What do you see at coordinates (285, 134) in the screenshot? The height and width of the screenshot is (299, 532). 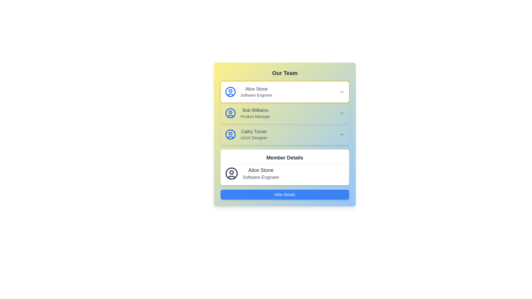 I see `to select the profile card for 'Cathy Turner' in the team list` at bounding box center [285, 134].